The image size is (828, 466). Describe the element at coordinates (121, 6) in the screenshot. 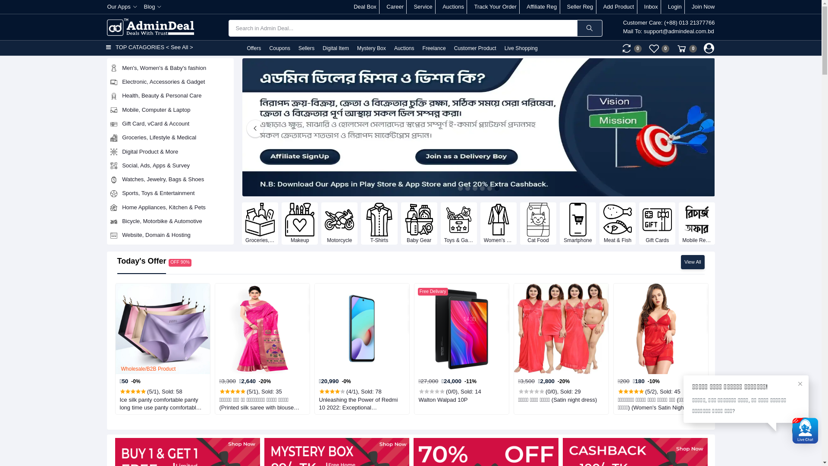

I see `'Our Apps'` at that location.